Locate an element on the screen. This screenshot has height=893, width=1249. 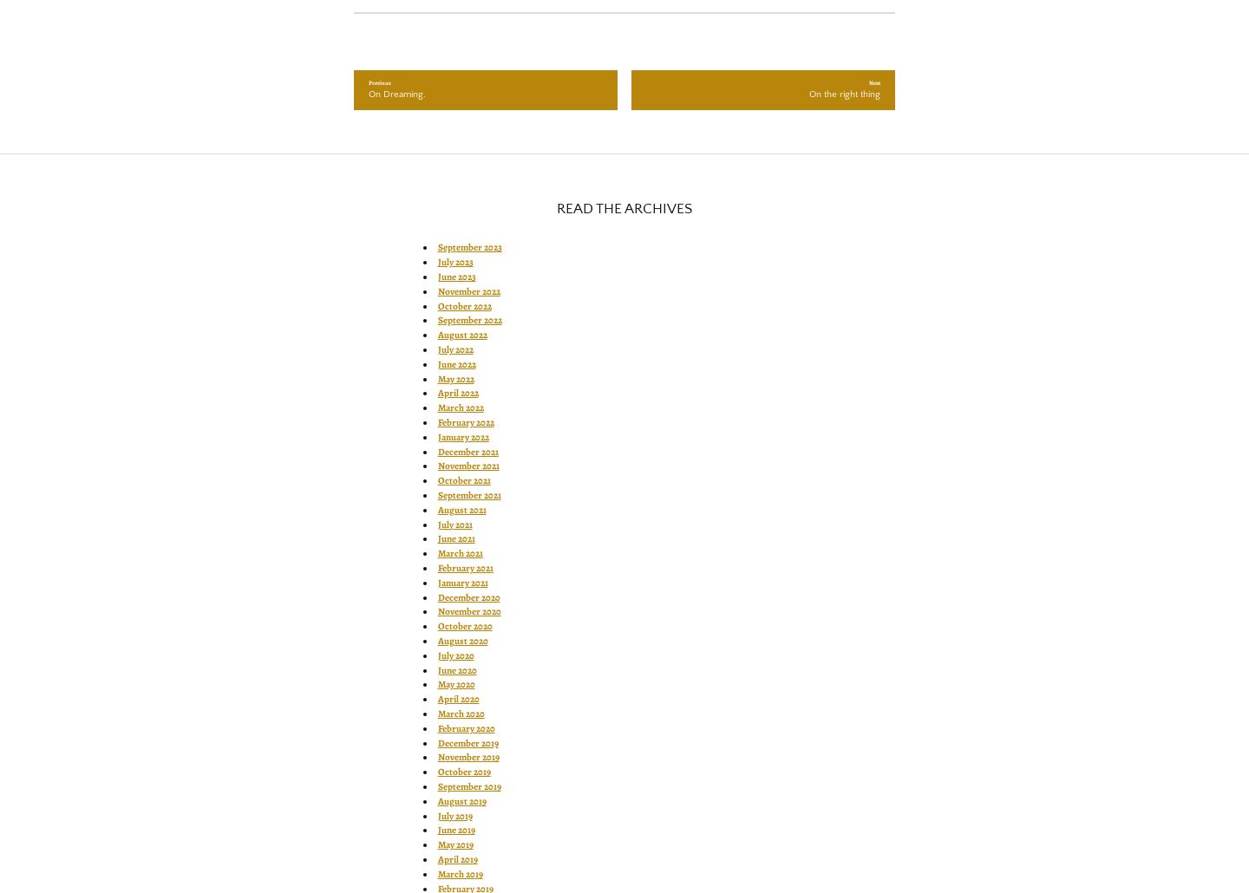
'READ THE ARCHIVES' is located at coordinates (623, 209).